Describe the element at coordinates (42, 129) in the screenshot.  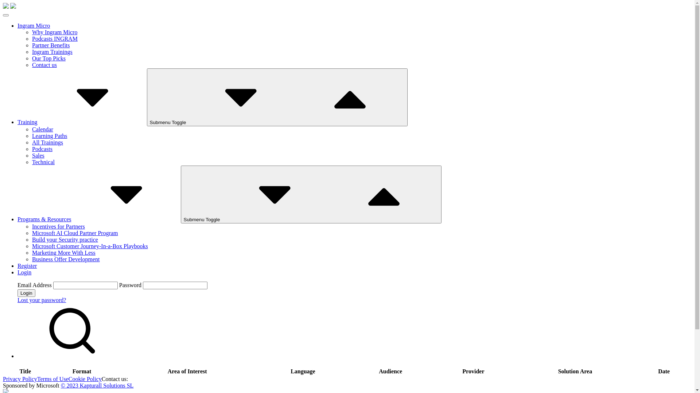
I see `'Calendar'` at that location.